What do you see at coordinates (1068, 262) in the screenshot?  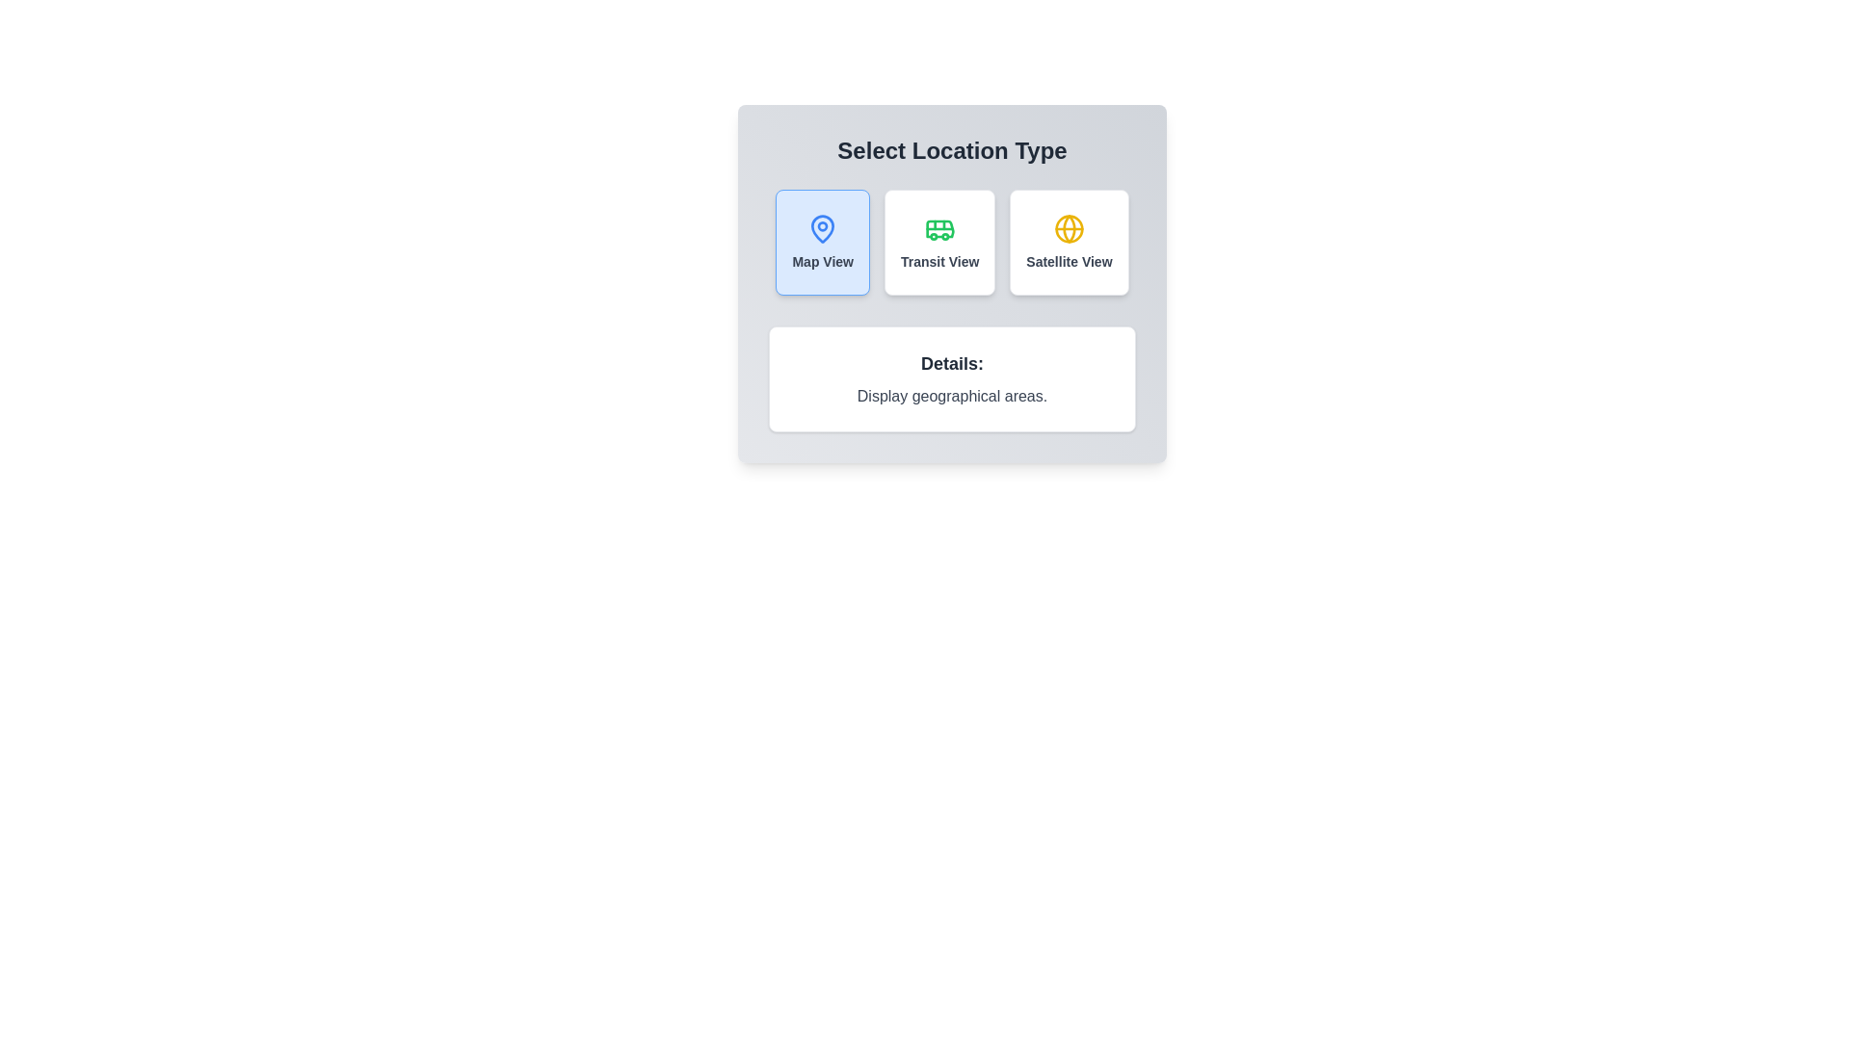 I see `text label 'Satellite View' located at the bottom of the third card in the 'Select Location Type' box` at bounding box center [1068, 262].